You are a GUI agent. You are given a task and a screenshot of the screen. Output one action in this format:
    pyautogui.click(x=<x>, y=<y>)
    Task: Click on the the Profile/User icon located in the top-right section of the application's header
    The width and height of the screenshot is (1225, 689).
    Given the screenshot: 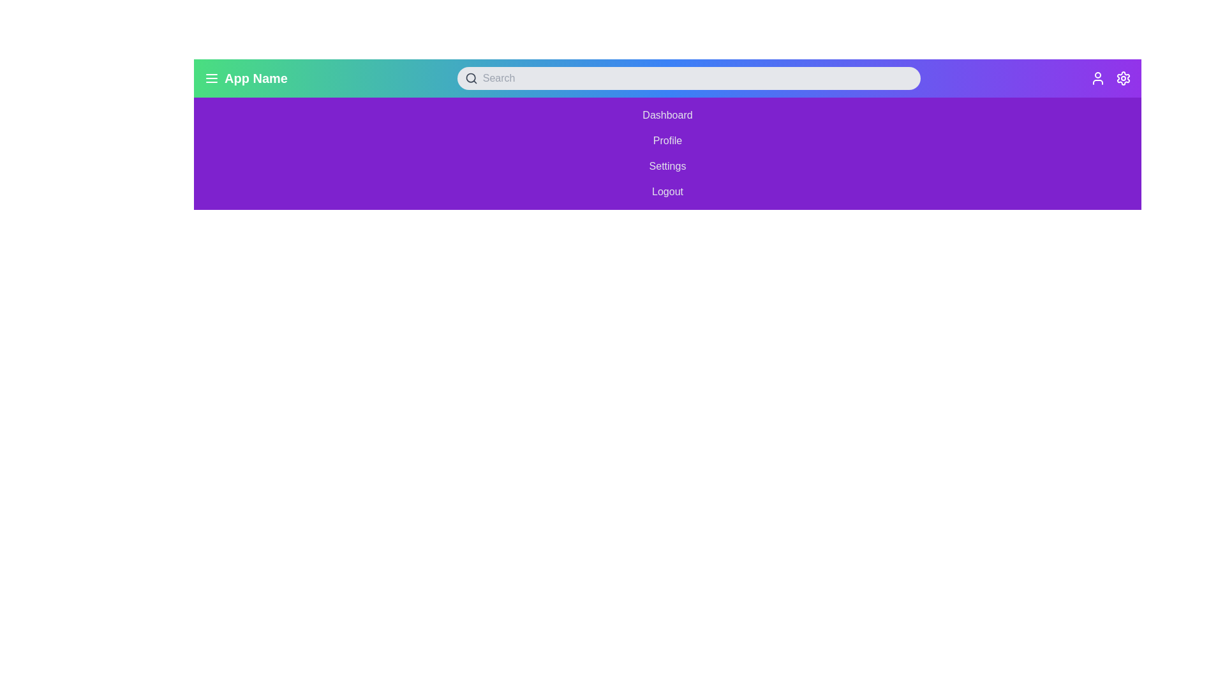 What is the action you would take?
    pyautogui.click(x=1097, y=78)
    